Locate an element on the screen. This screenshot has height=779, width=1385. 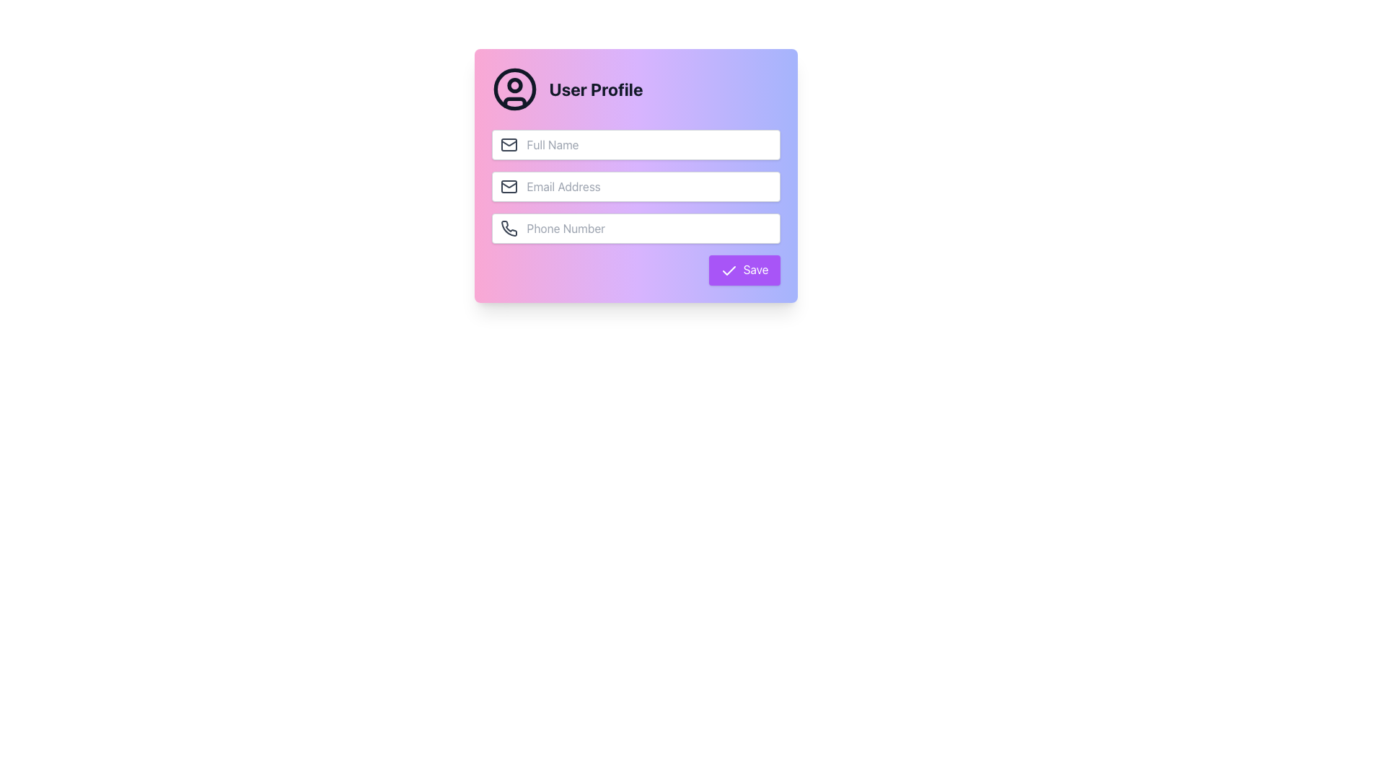
the small SVG circle that is part of the user profile icon located above the label 'User Profile' is located at coordinates (514, 85).